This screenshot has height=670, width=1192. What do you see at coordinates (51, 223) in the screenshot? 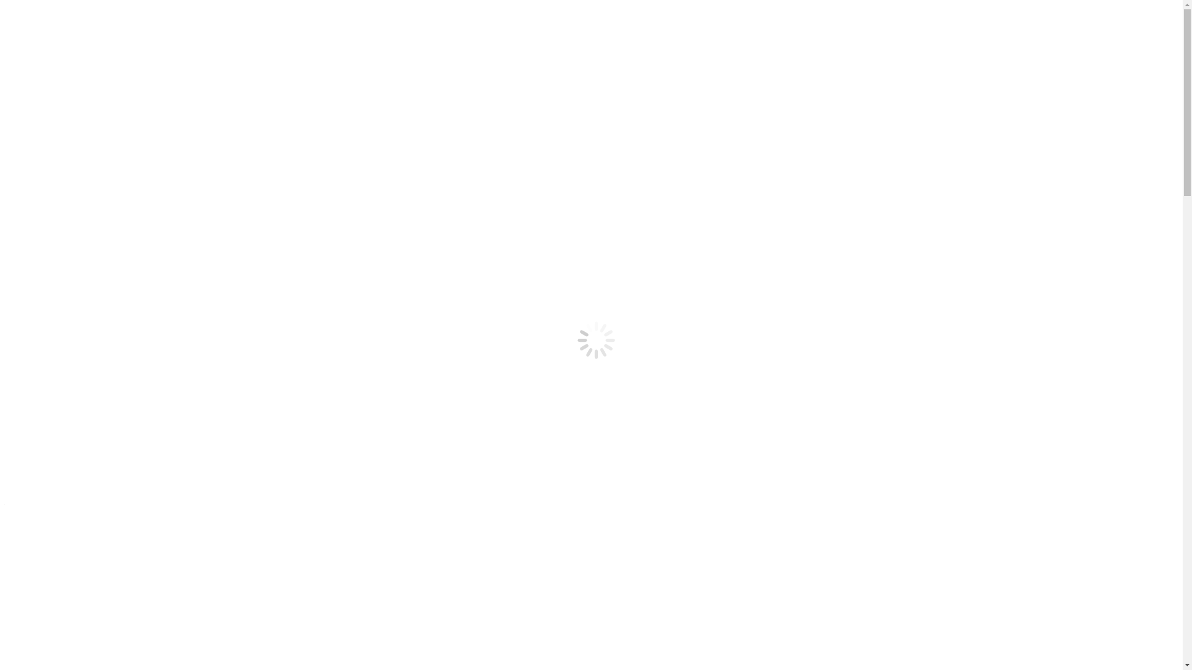
I see `'Contact Us'` at bounding box center [51, 223].